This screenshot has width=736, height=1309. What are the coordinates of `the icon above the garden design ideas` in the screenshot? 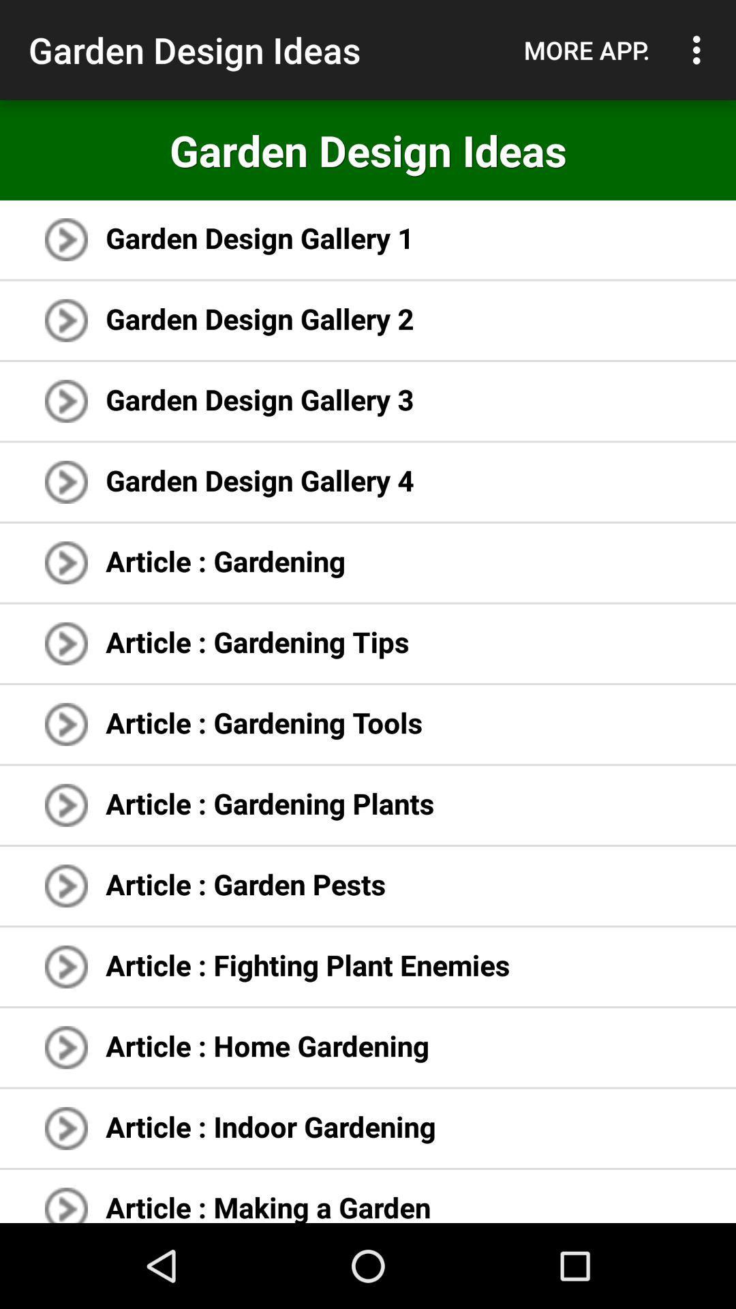 It's located at (586, 50).